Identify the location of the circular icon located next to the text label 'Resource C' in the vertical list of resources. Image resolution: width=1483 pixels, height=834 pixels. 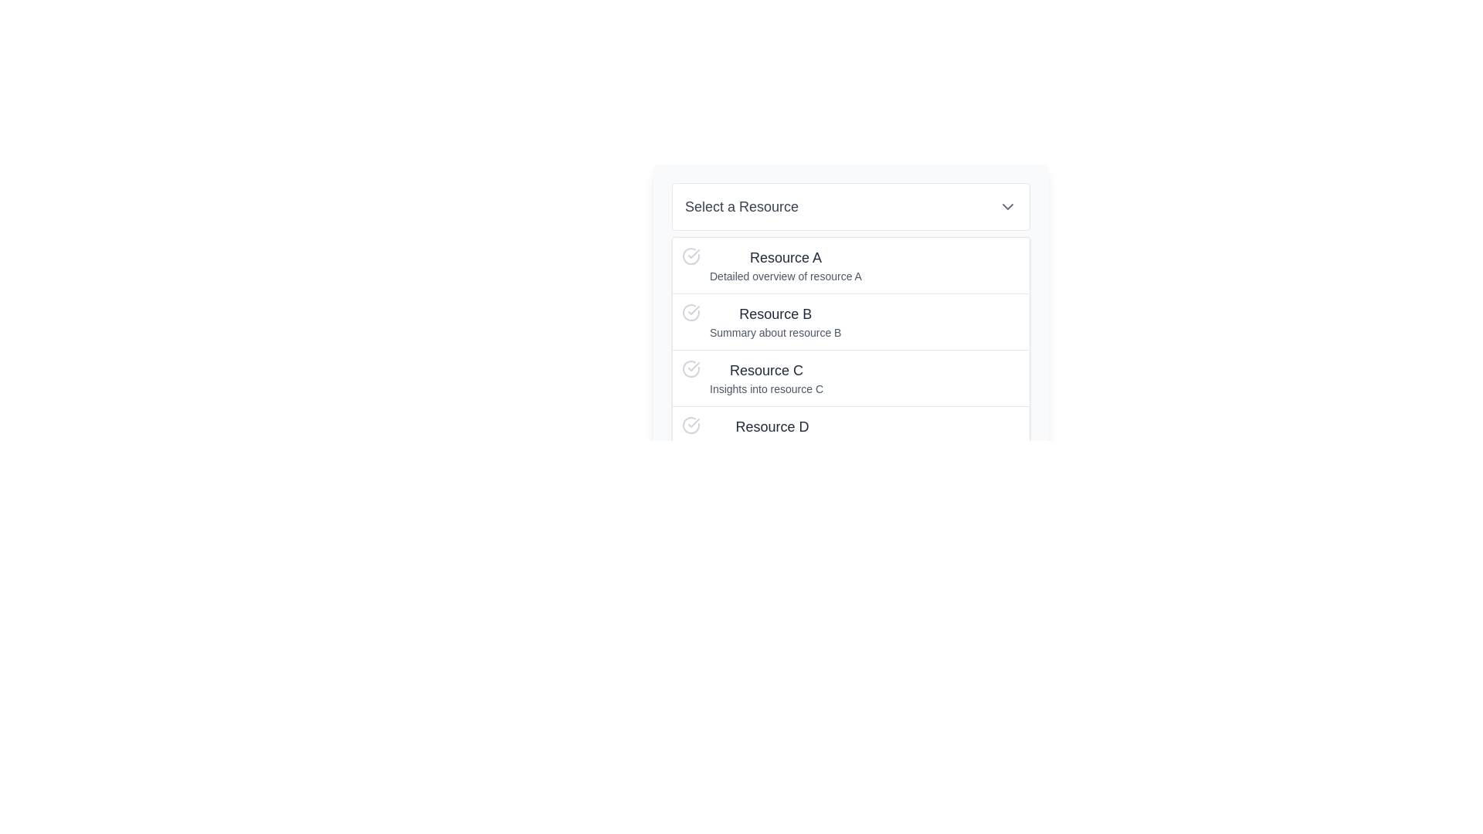
(690, 369).